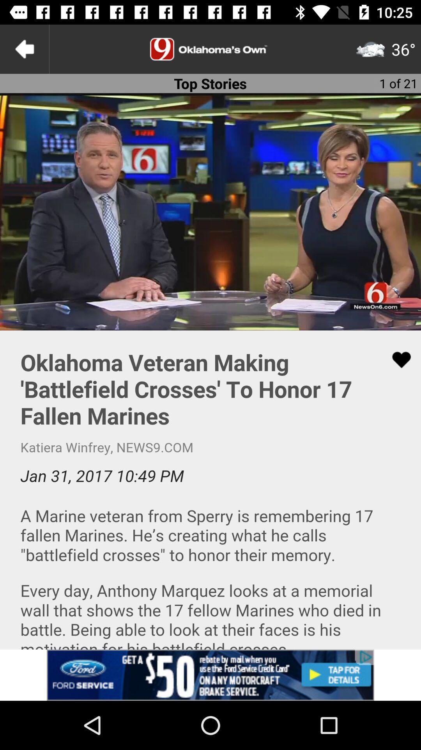  I want to click on back farce, so click(24, 48).